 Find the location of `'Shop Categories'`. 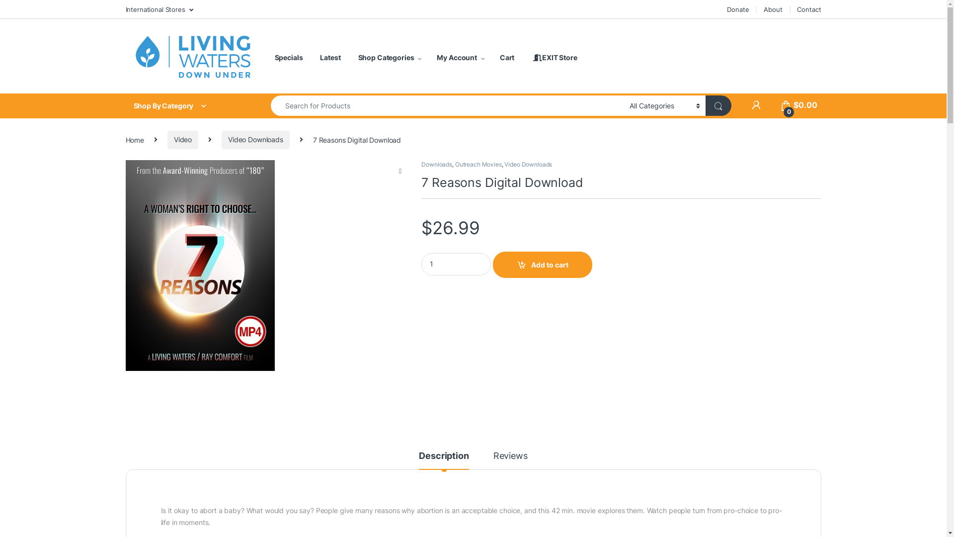

'Shop Categories' is located at coordinates (390, 57).